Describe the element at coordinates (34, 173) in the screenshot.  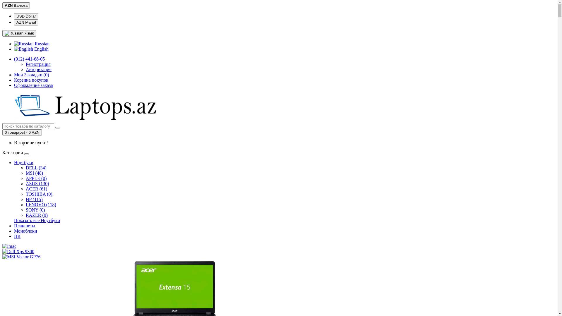
I see `'MSI (48)'` at that location.